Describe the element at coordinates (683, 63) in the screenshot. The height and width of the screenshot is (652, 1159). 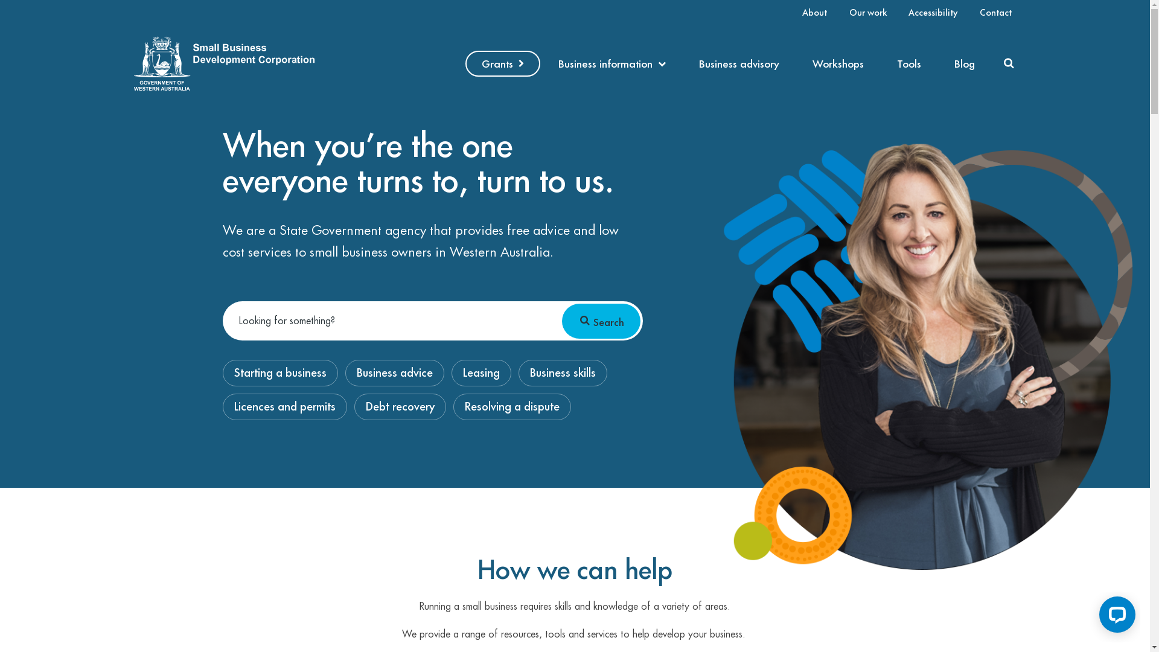
I see `'Business advisory'` at that location.